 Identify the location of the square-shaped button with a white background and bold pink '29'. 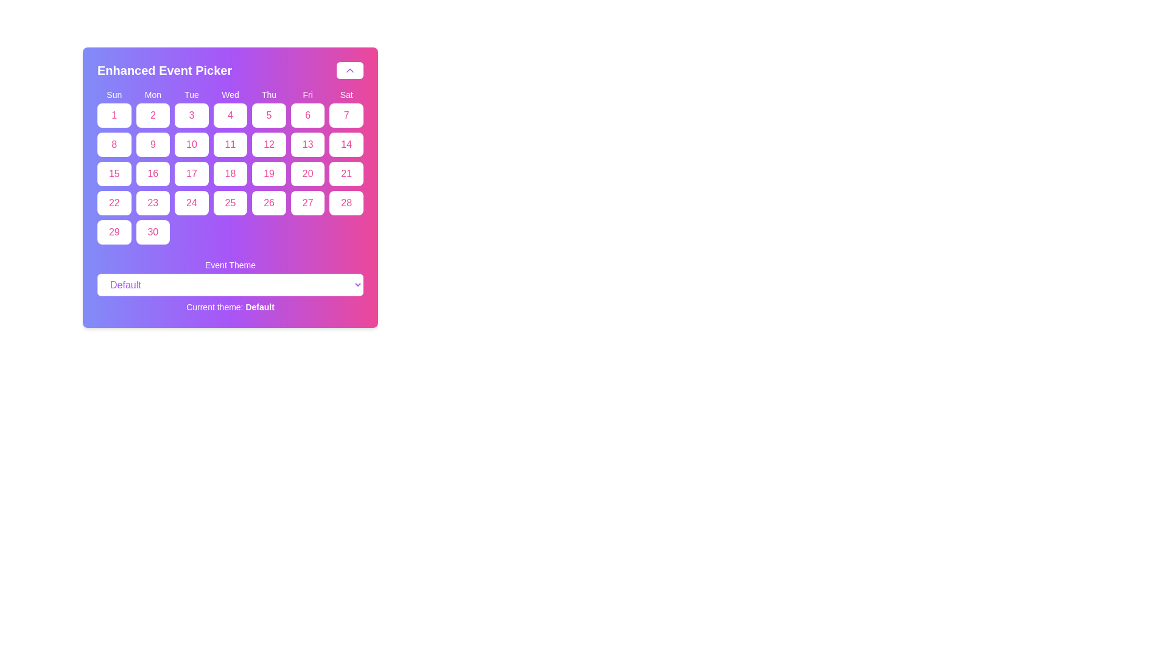
(114, 232).